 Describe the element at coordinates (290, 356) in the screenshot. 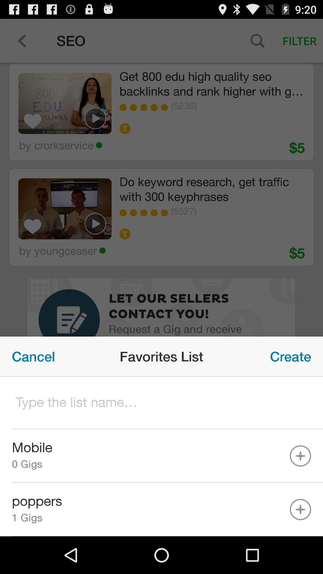

I see `the create on the right` at that location.